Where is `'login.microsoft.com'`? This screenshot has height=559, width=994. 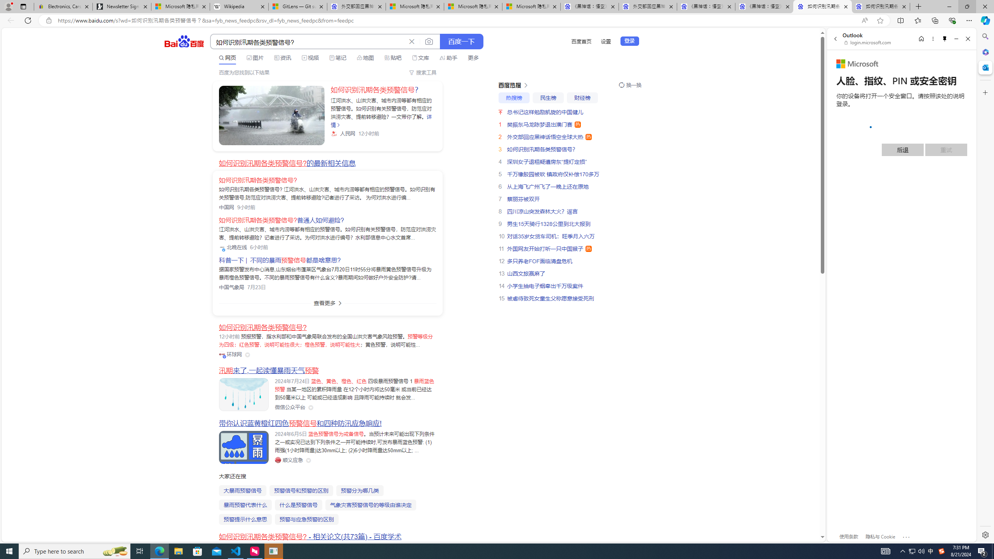
'login.microsoft.com' is located at coordinates (868, 42).